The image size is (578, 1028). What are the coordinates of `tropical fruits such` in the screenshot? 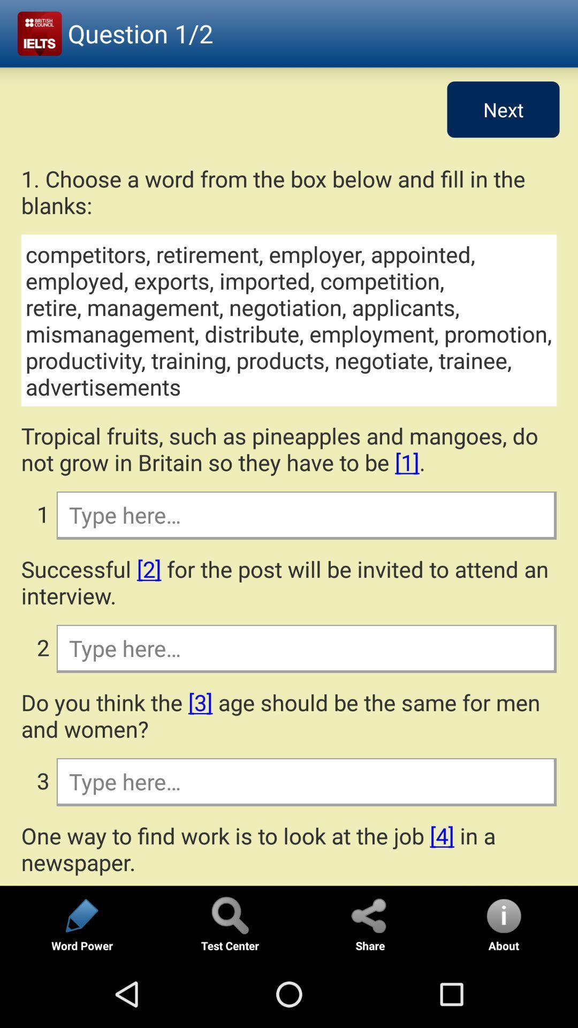 It's located at (289, 449).